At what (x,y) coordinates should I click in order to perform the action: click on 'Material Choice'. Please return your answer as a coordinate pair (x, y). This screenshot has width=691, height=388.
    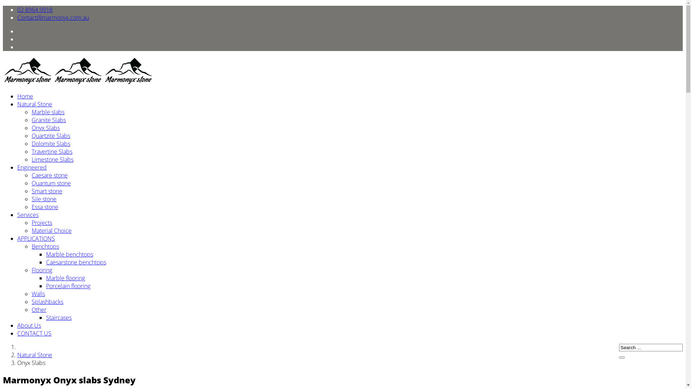
    Looking at the image, I should click on (51, 230).